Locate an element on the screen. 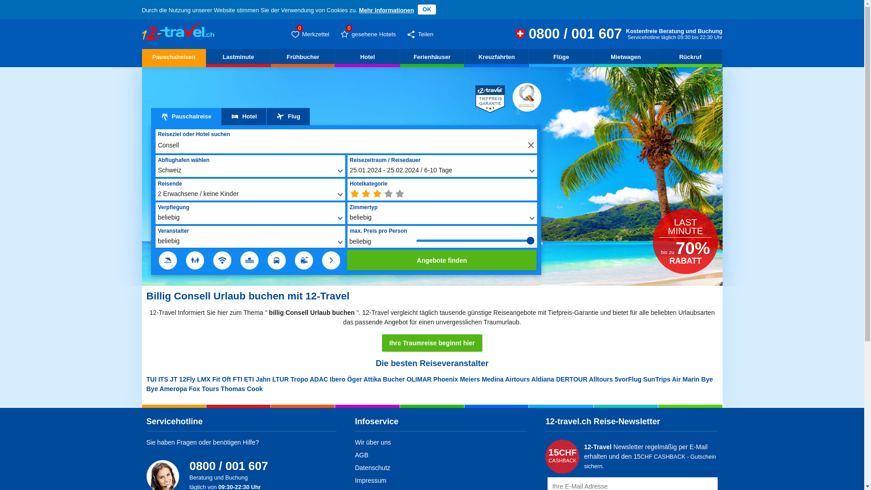 The height and width of the screenshot is (490, 871). 'OLIMAR' is located at coordinates (418, 379).